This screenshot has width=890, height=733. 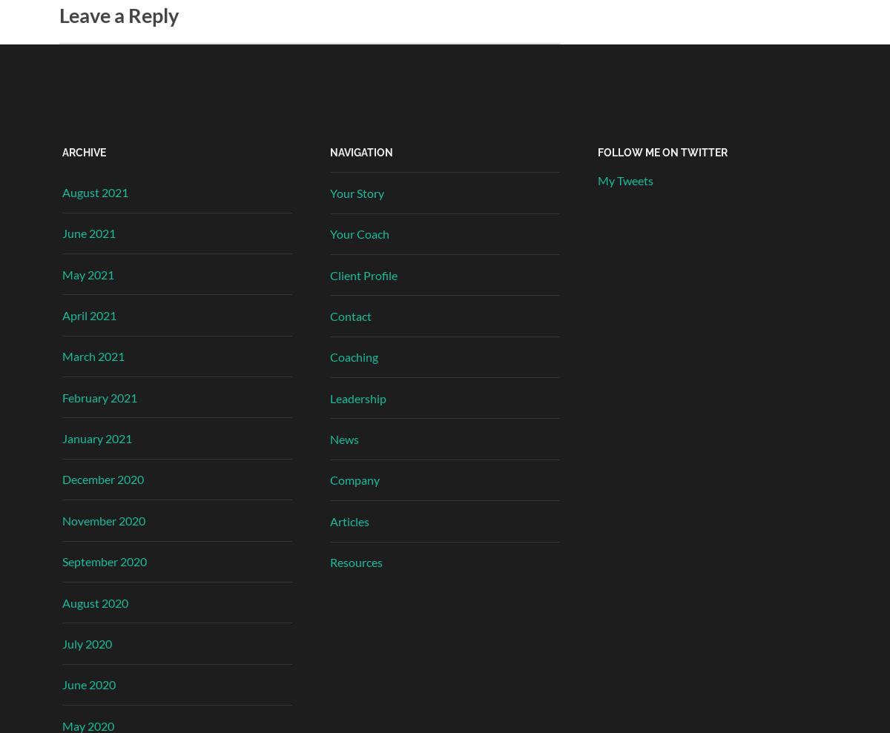 What do you see at coordinates (89, 314) in the screenshot?
I see `'April 2021'` at bounding box center [89, 314].